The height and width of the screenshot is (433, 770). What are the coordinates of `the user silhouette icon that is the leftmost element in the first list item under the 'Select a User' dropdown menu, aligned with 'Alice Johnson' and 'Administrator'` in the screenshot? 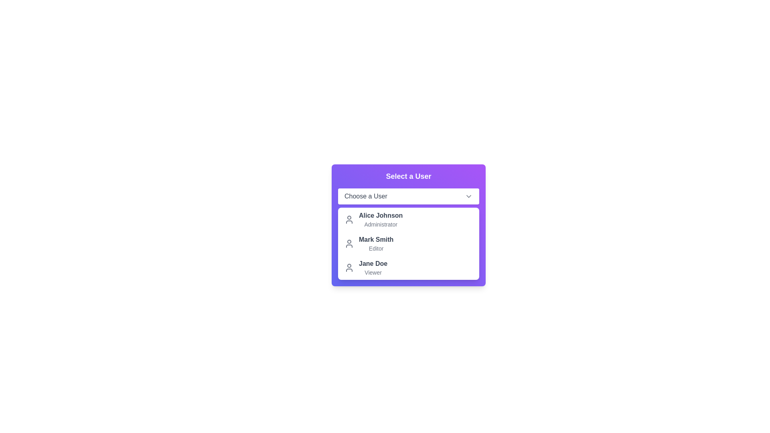 It's located at (349, 219).